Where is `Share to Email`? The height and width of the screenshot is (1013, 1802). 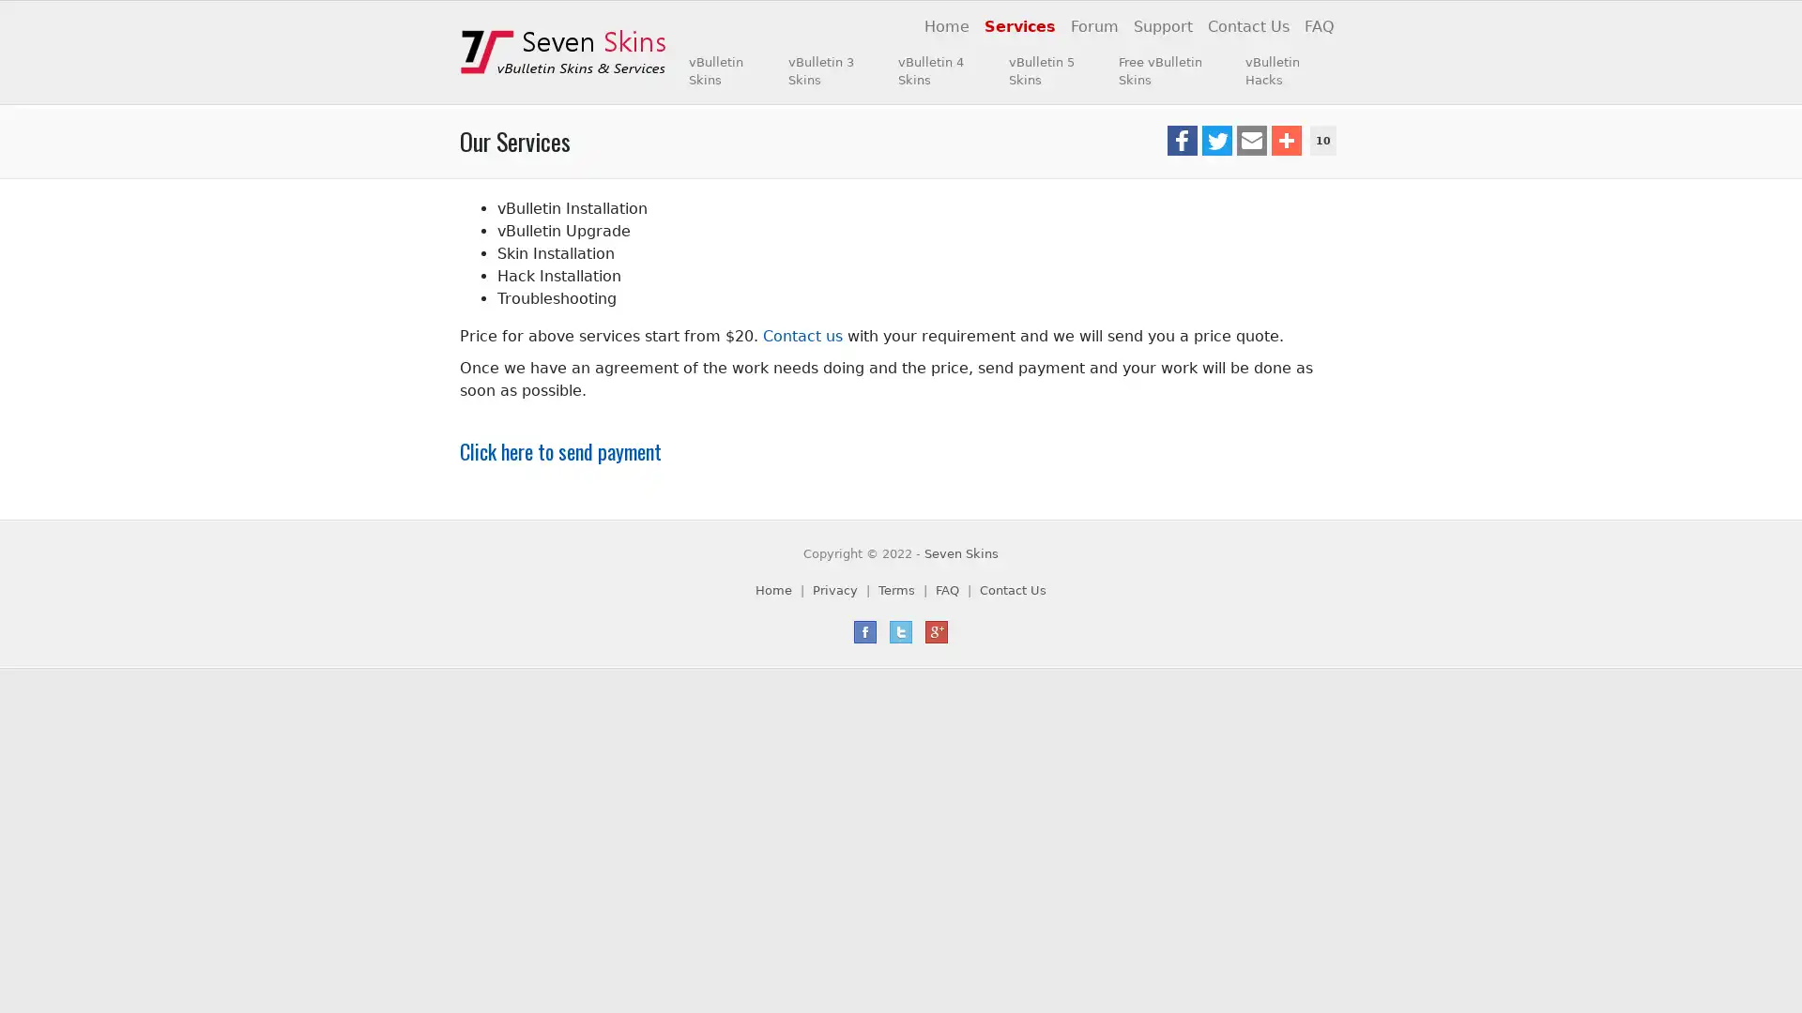
Share to Email is located at coordinates (1251, 140).